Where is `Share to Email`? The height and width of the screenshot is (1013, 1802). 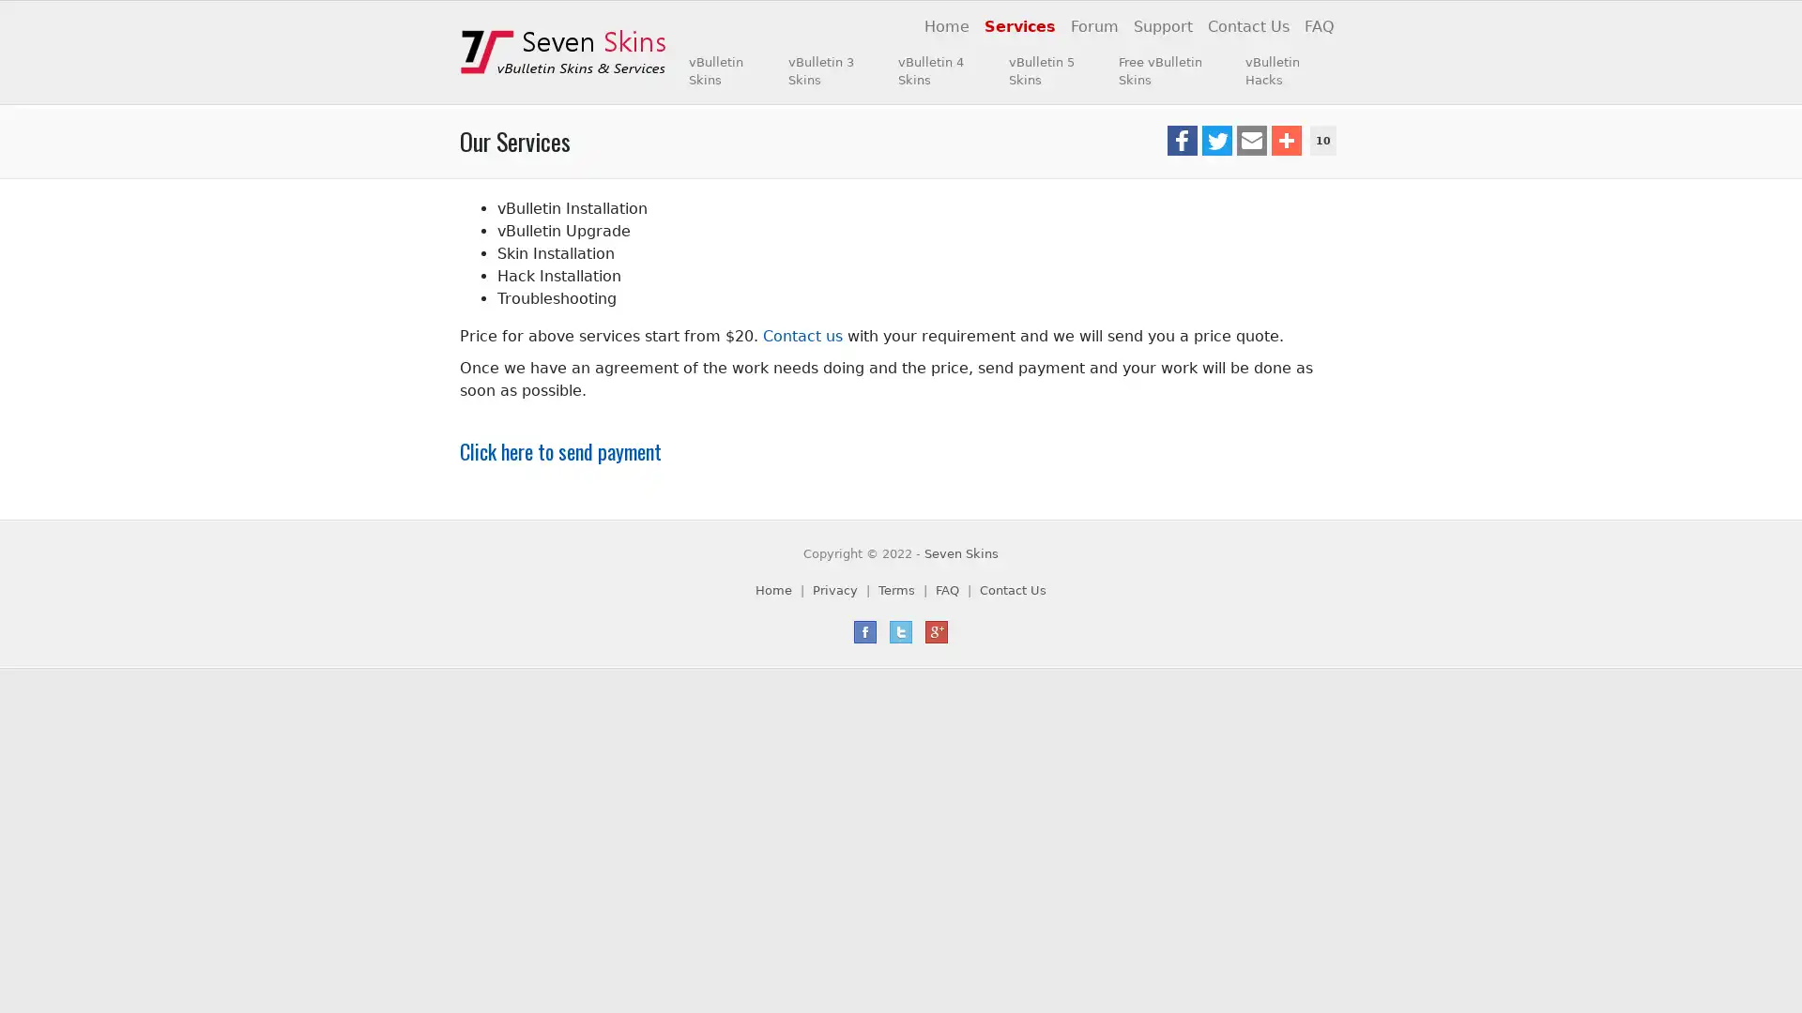
Share to Email is located at coordinates (1251, 140).